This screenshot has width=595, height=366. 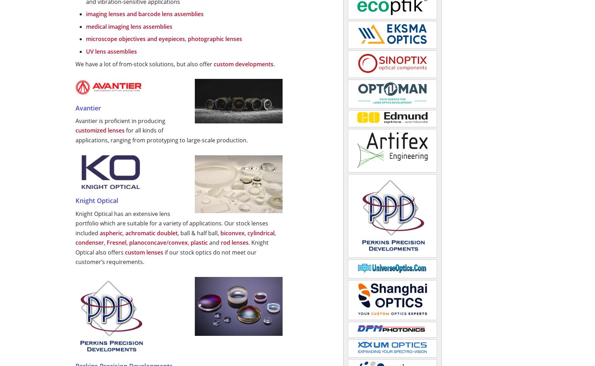 I want to click on 'rod lenses', so click(x=234, y=242).